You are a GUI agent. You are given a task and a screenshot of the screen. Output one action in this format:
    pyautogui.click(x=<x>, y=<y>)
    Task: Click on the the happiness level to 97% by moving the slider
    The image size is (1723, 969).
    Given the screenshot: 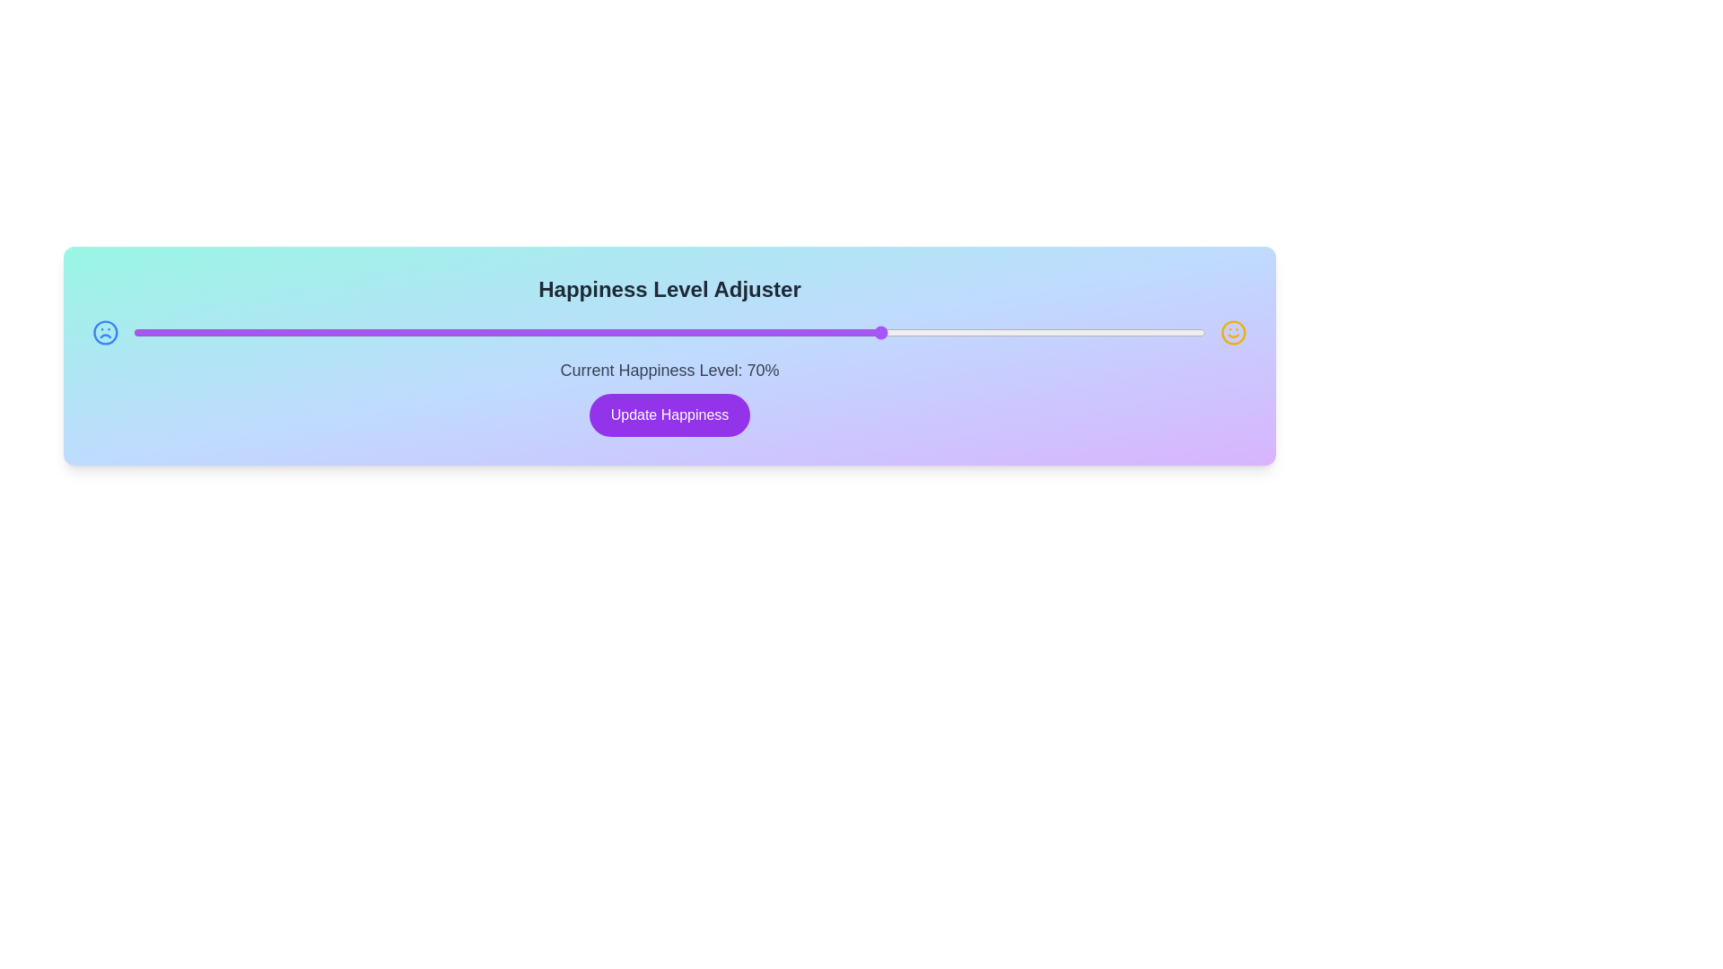 What is the action you would take?
    pyautogui.click(x=1174, y=332)
    